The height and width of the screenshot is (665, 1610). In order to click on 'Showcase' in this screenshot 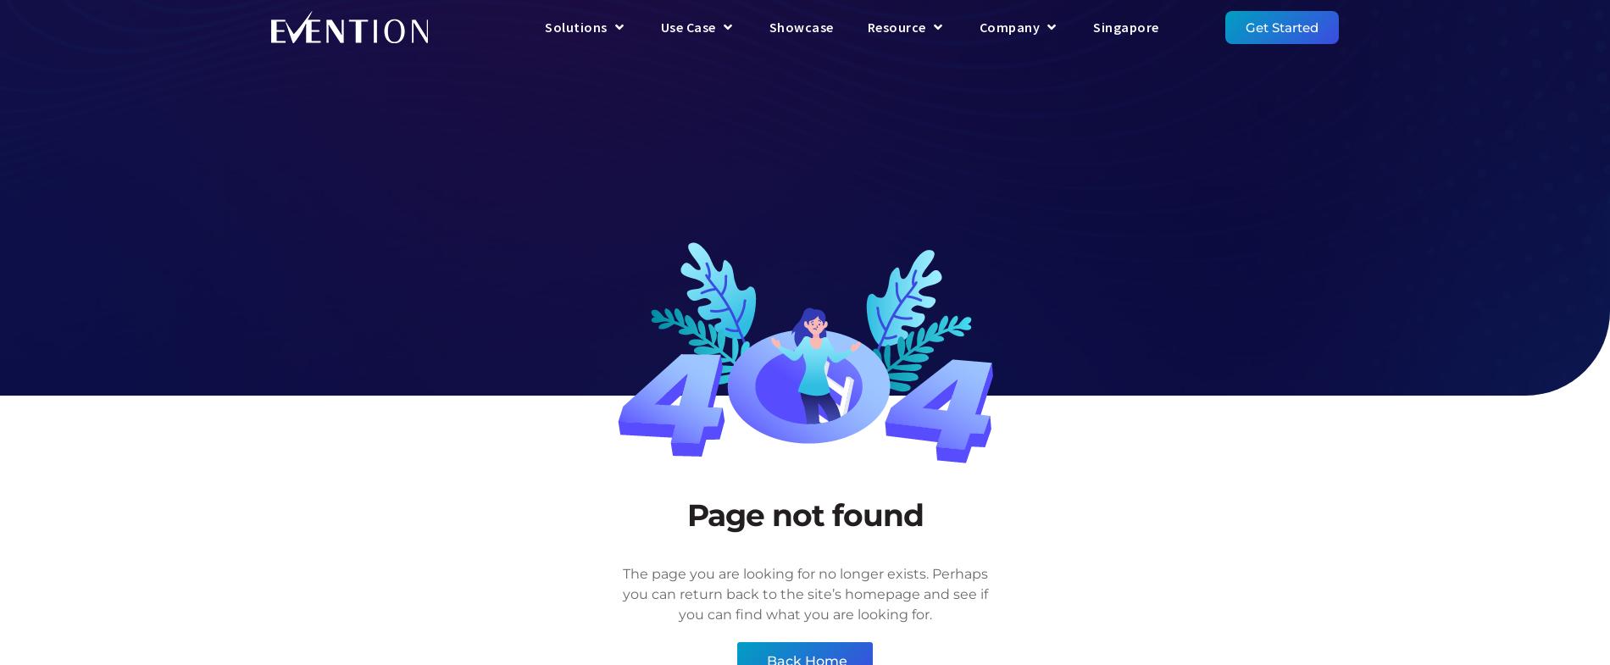, I will do `click(800, 26)`.